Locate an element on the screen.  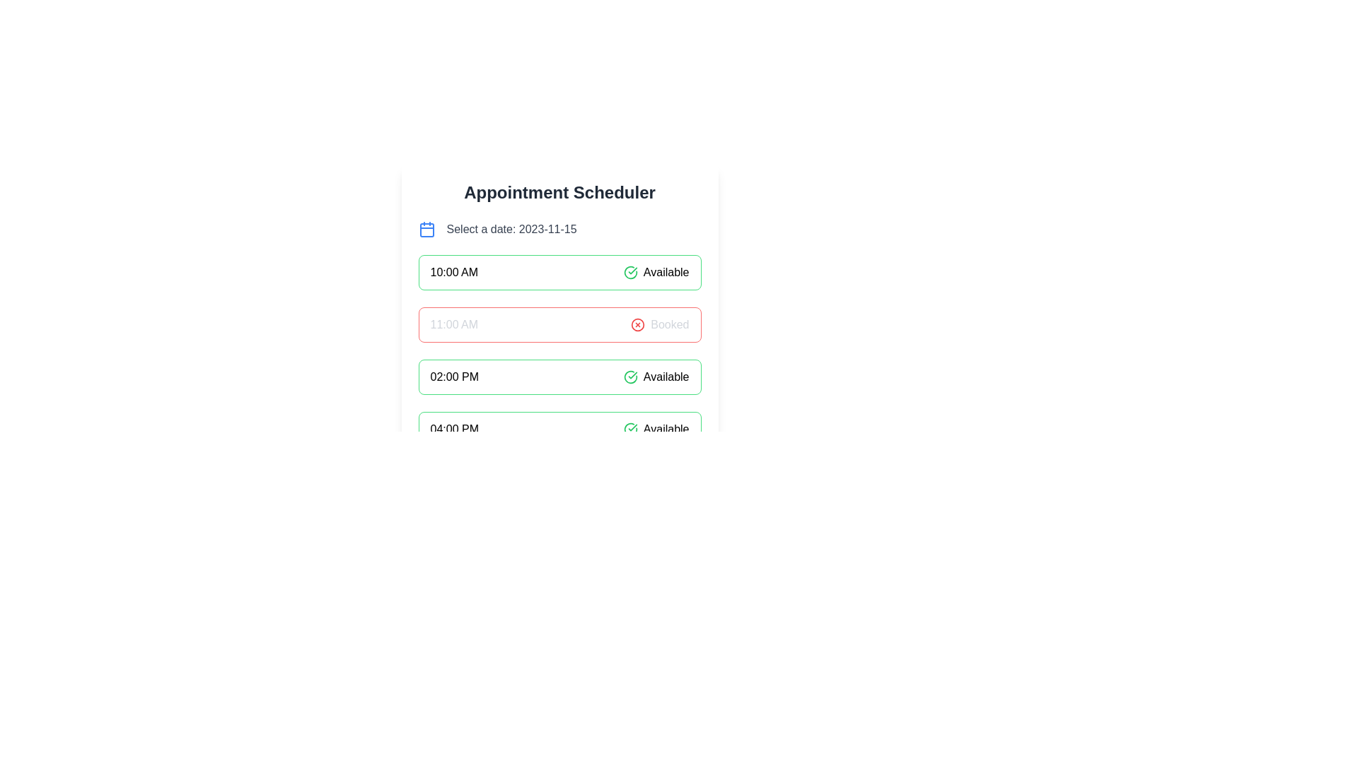
the Status indicator label with an icon and text is located at coordinates (656, 376).